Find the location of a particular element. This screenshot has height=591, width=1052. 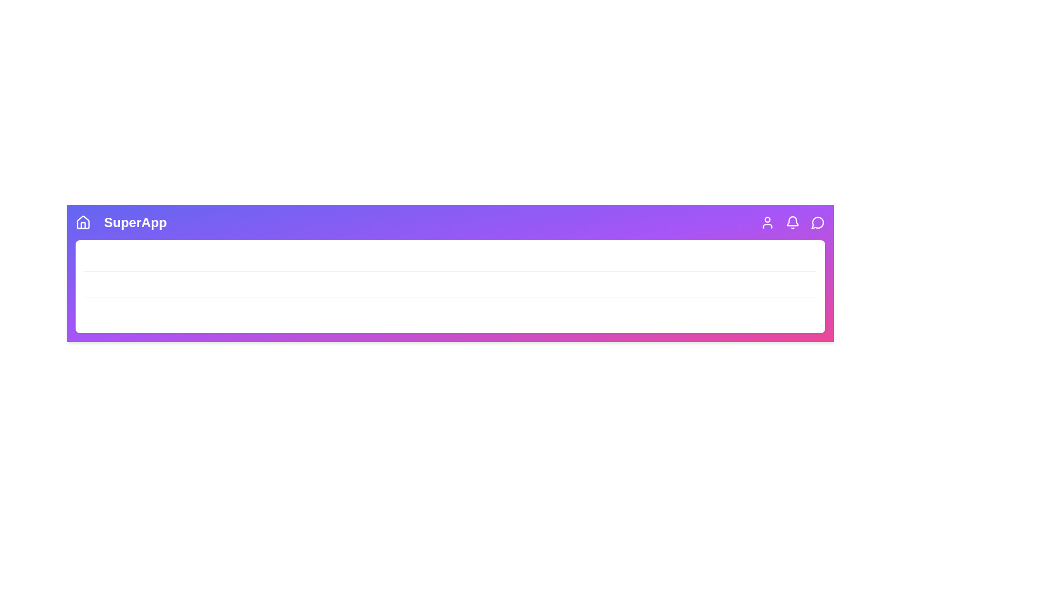

the bell icon to toggle the notifications panel visibility is located at coordinates (792, 222).